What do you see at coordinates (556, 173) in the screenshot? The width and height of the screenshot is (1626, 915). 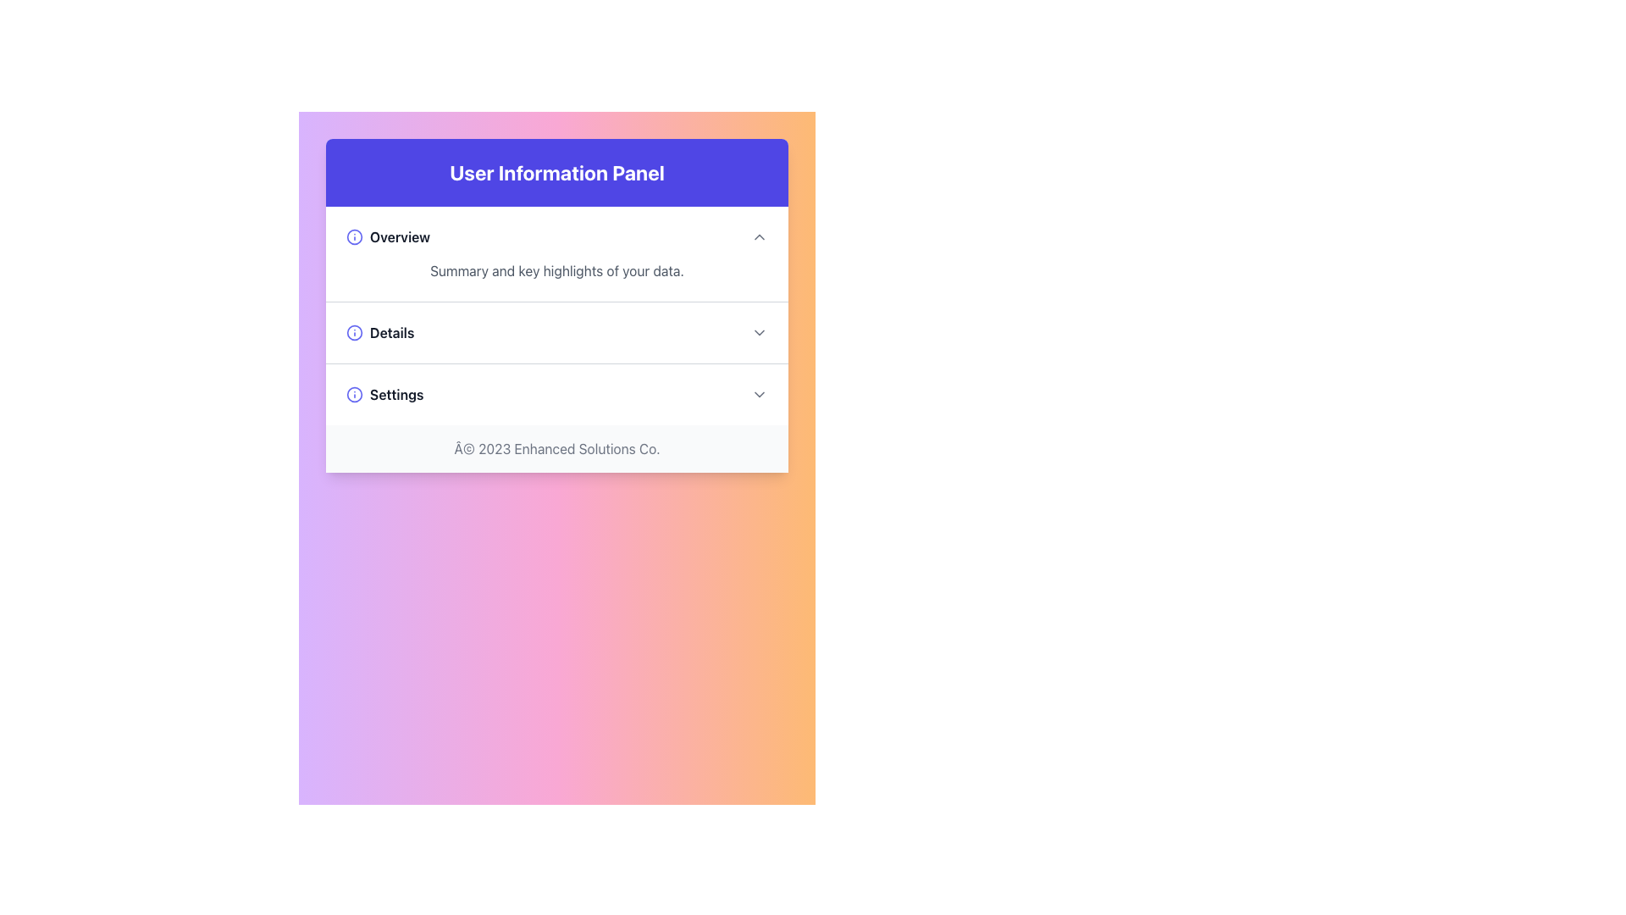 I see `the Header element which has a prominent indigo blue background and displays the title 'User Information Panel'` at bounding box center [556, 173].